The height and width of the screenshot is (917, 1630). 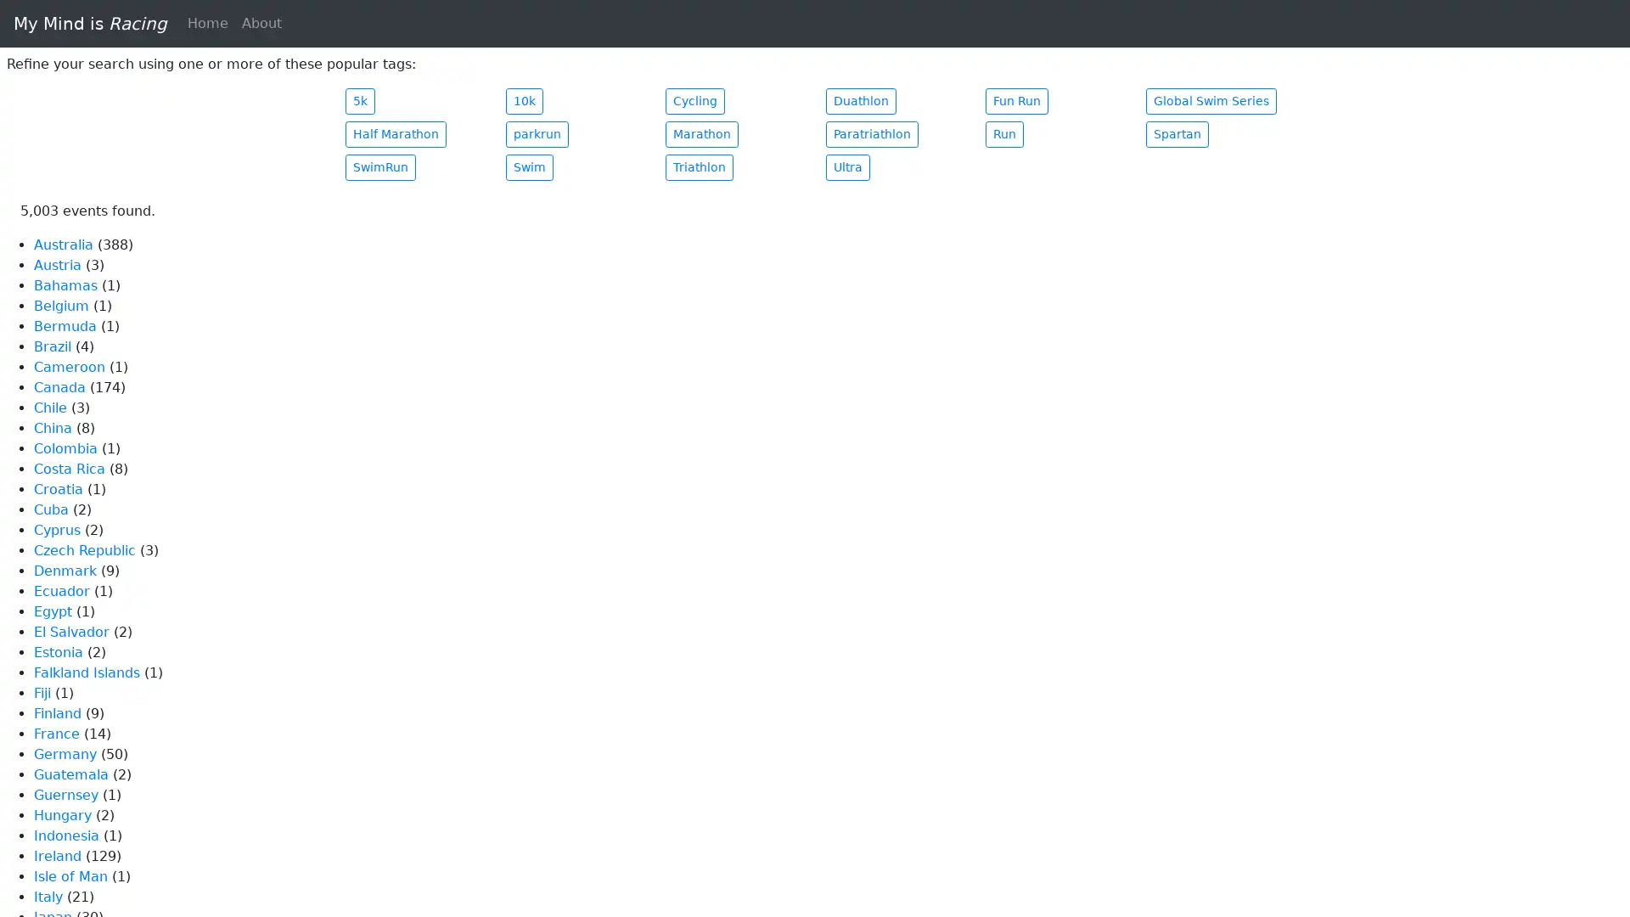 I want to click on 10k, so click(x=523, y=101).